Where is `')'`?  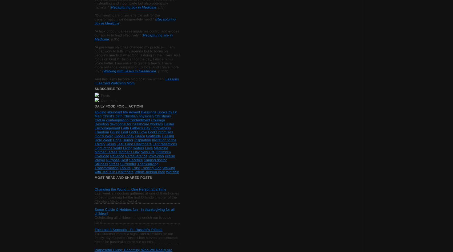 ')' is located at coordinates (120, 23).